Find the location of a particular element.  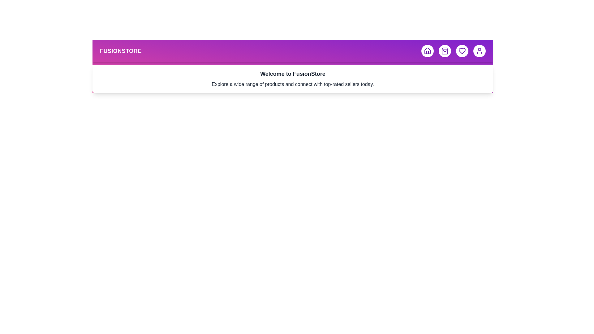

the heart icon to navigate to the respective section is located at coordinates (462, 51).